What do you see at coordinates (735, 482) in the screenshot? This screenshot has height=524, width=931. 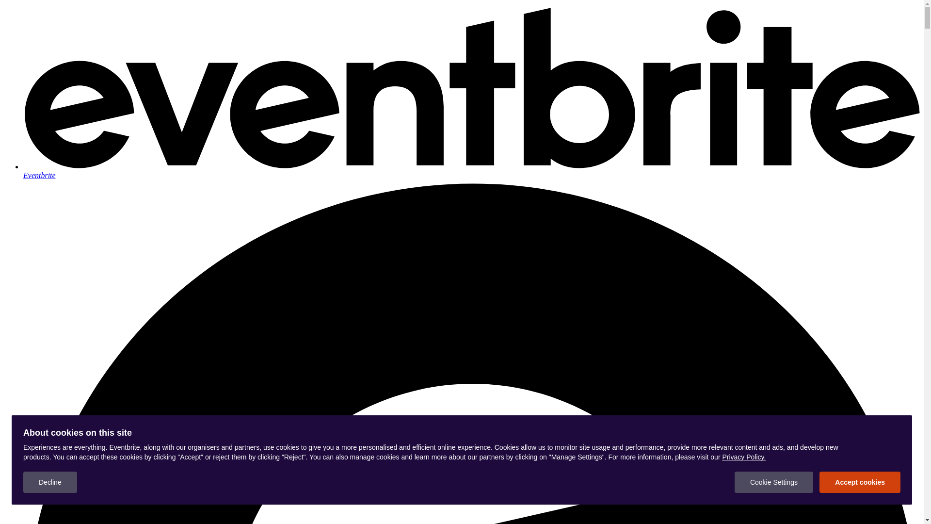 I see `'Cookie Settings'` at bounding box center [735, 482].